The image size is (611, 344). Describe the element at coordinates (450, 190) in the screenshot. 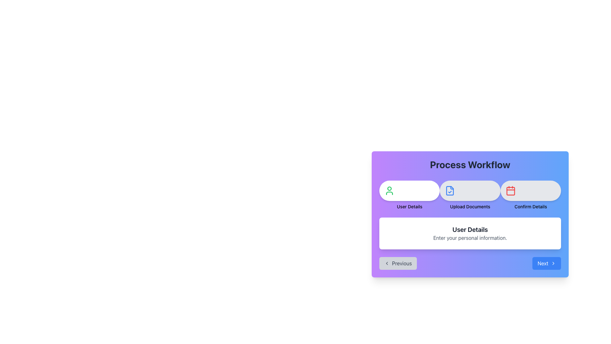

I see `the 'Upload Documents' step indicator icon located in the horizontal navigation bar at the top of the modal, positioned between 'User Details' and 'Confirm Details'` at that location.